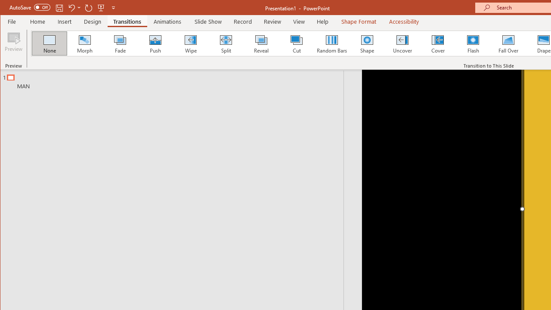 Image resolution: width=551 pixels, height=310 pixels. I want to click on 'Shape', so click(367, 43).